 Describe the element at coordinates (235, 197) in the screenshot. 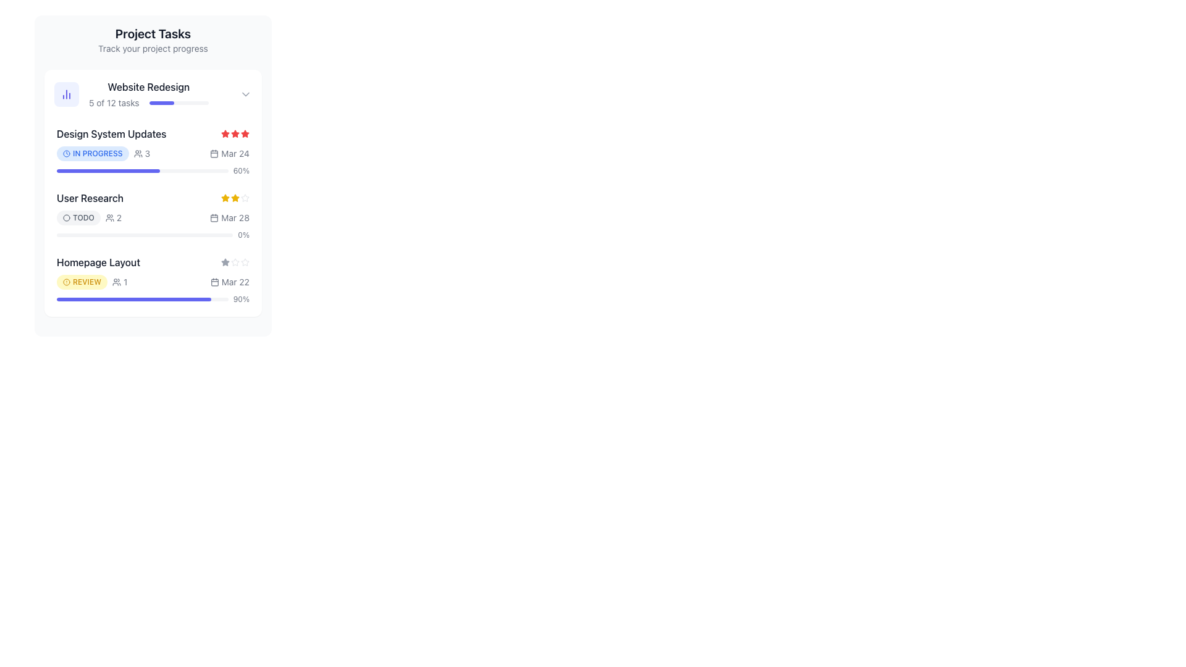

I see `the second star in the rating system located to the right of the first yellow star and to the left of the third gray star, aligned with the text 'User Research'` at that location.